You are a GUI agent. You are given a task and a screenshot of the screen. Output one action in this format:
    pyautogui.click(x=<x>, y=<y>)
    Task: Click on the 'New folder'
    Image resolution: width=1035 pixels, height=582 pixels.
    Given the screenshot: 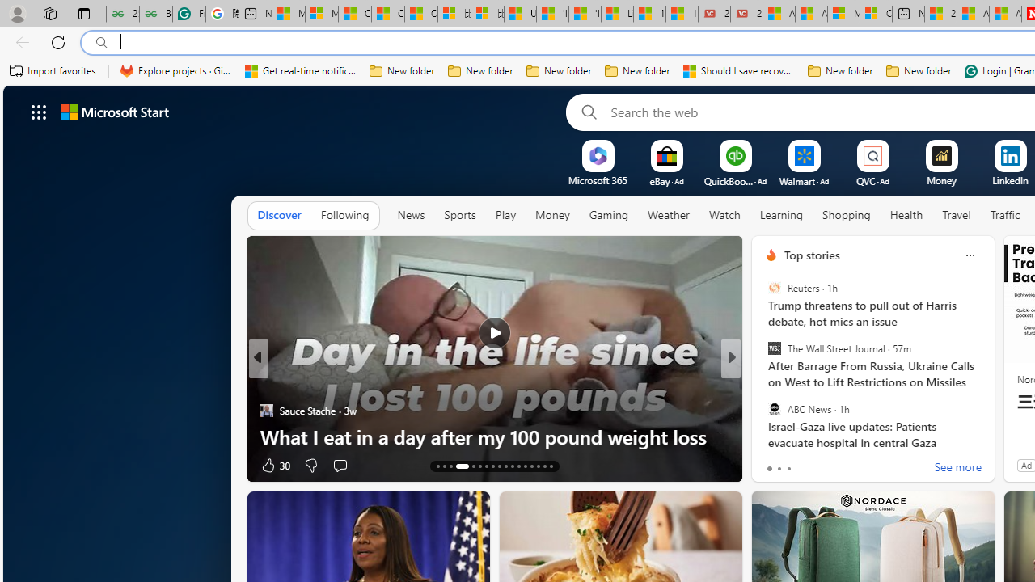 What is the action you would take?
    pyautogui.click(x=919, y=70)
    